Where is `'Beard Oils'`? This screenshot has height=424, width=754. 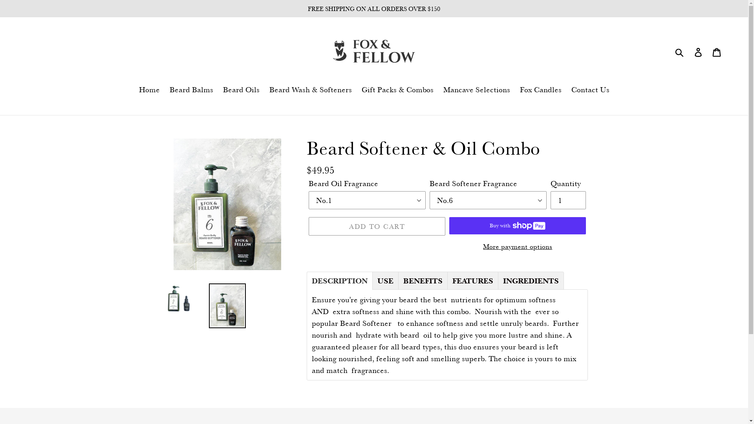 'Beard Oils' is located at coordinates (219, 90).